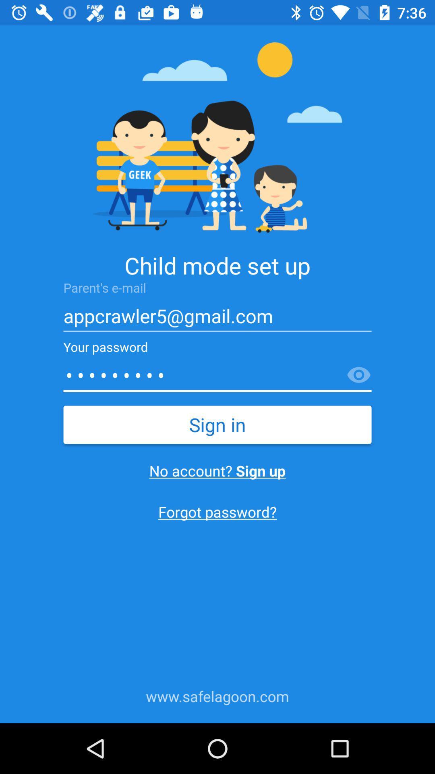  Describe the element at coordinates (358, 375) in the screenshot. I see `see password` at that location.